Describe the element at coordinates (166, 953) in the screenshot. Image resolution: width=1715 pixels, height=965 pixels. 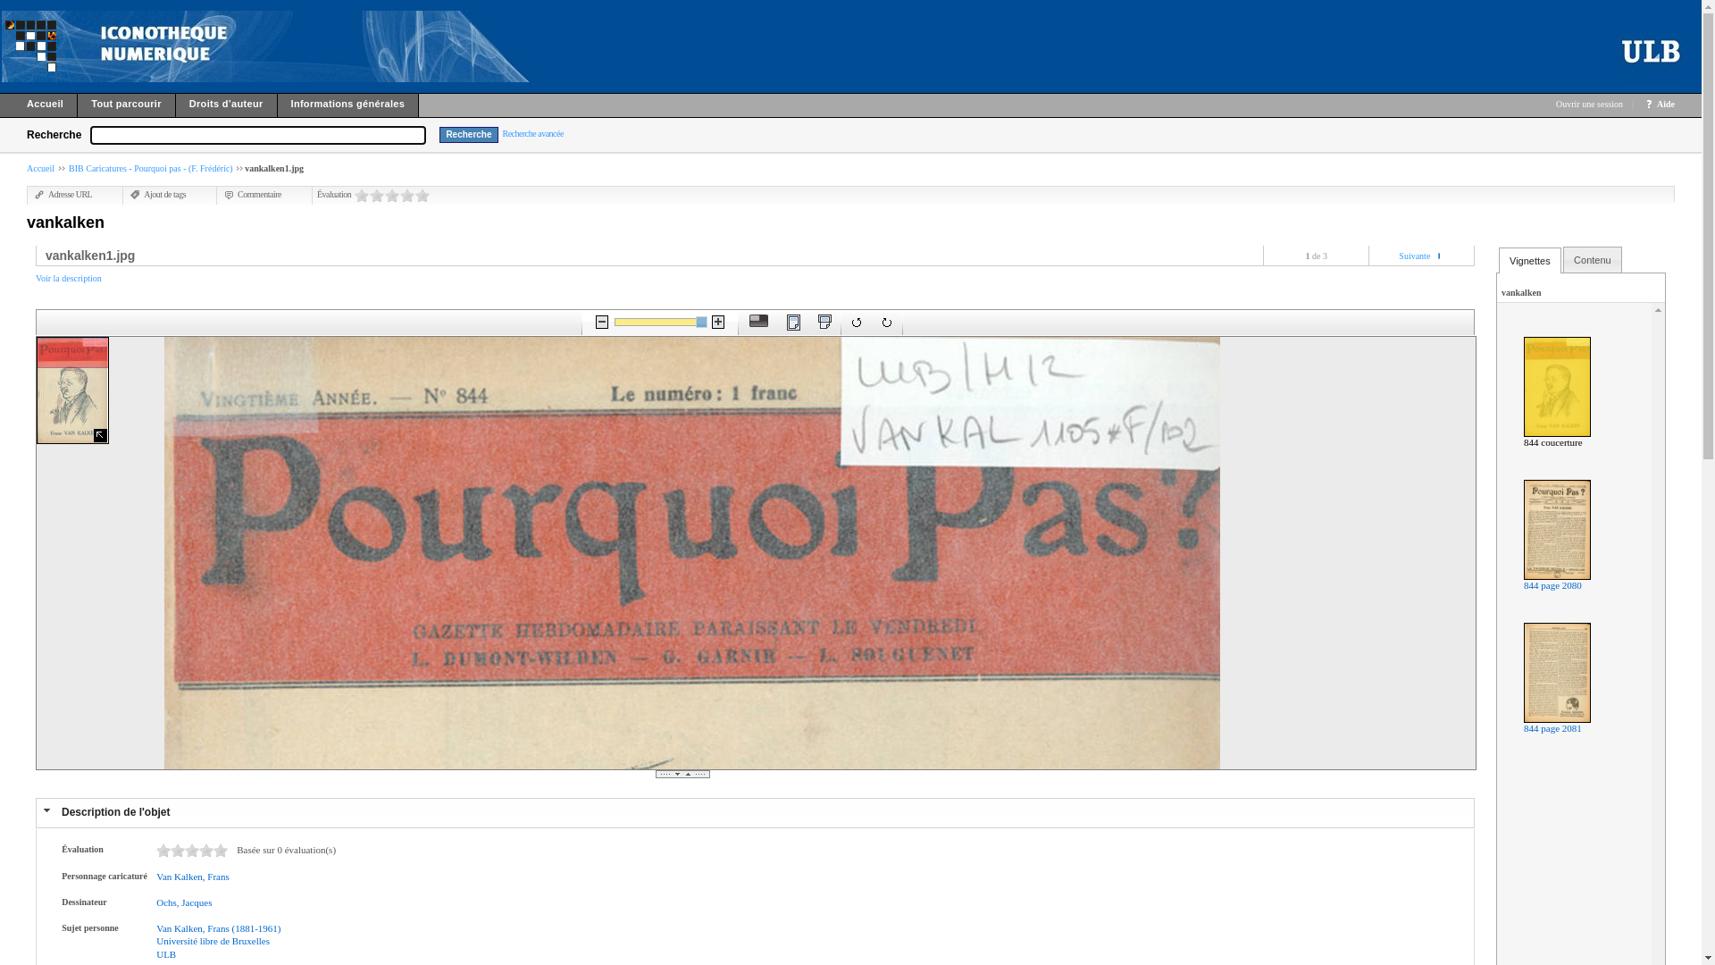
I see `'ULB'` at that location.